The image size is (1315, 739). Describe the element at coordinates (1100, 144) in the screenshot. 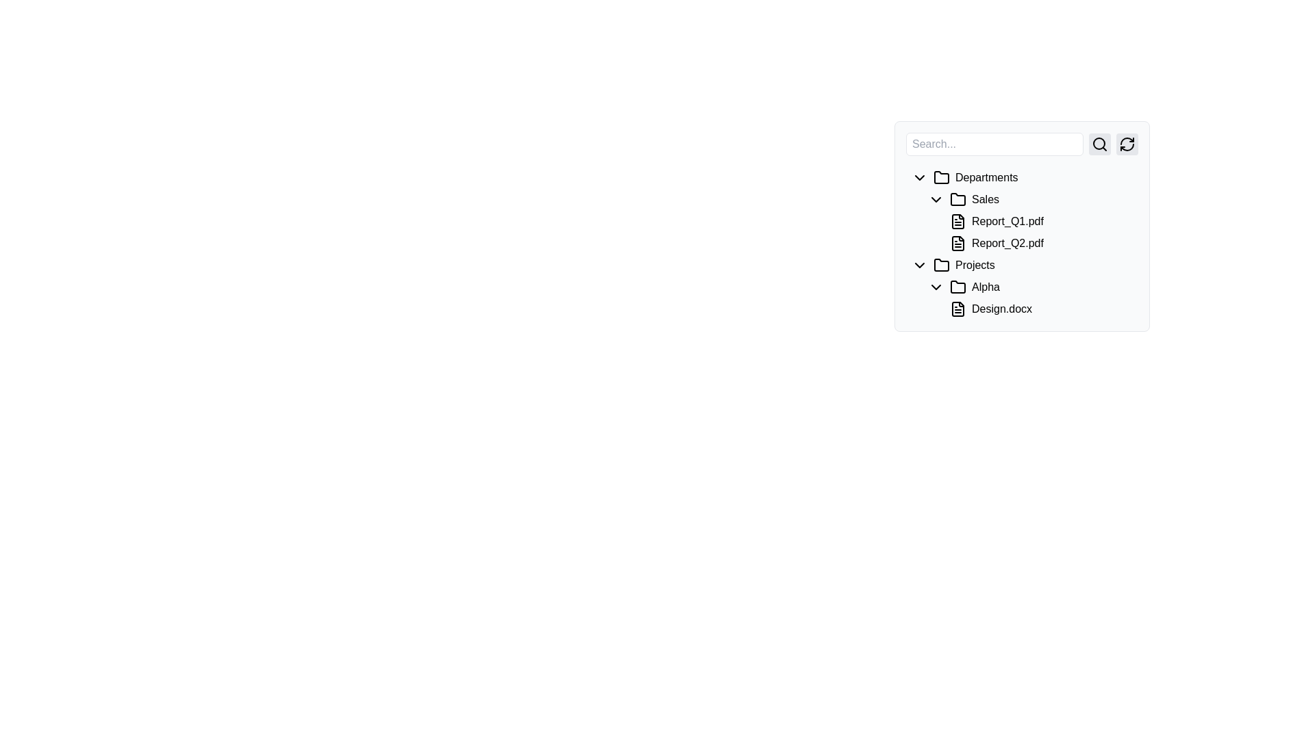

I see `the search button with a magnifying glass icon located immediately to the right of the search input field` at that location.